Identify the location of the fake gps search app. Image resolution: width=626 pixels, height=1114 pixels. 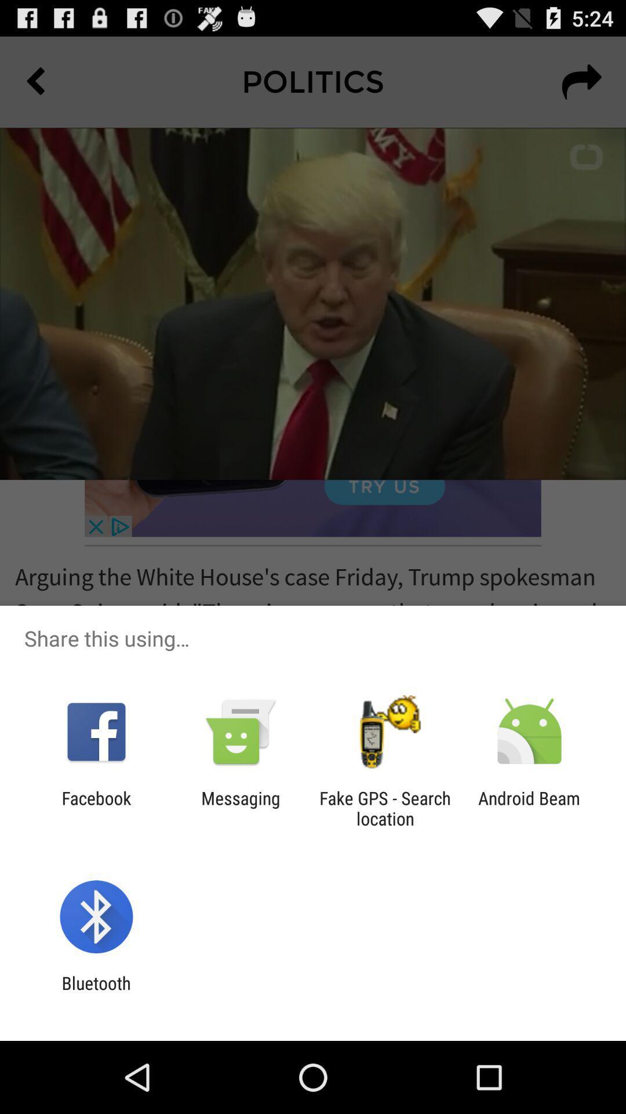
(385, 808).